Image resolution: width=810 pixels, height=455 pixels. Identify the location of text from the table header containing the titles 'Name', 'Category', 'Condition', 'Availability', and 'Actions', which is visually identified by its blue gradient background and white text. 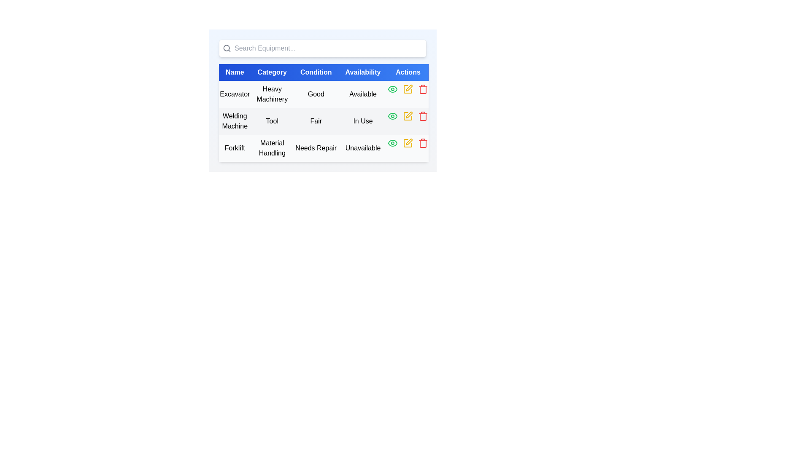
(323, 72).